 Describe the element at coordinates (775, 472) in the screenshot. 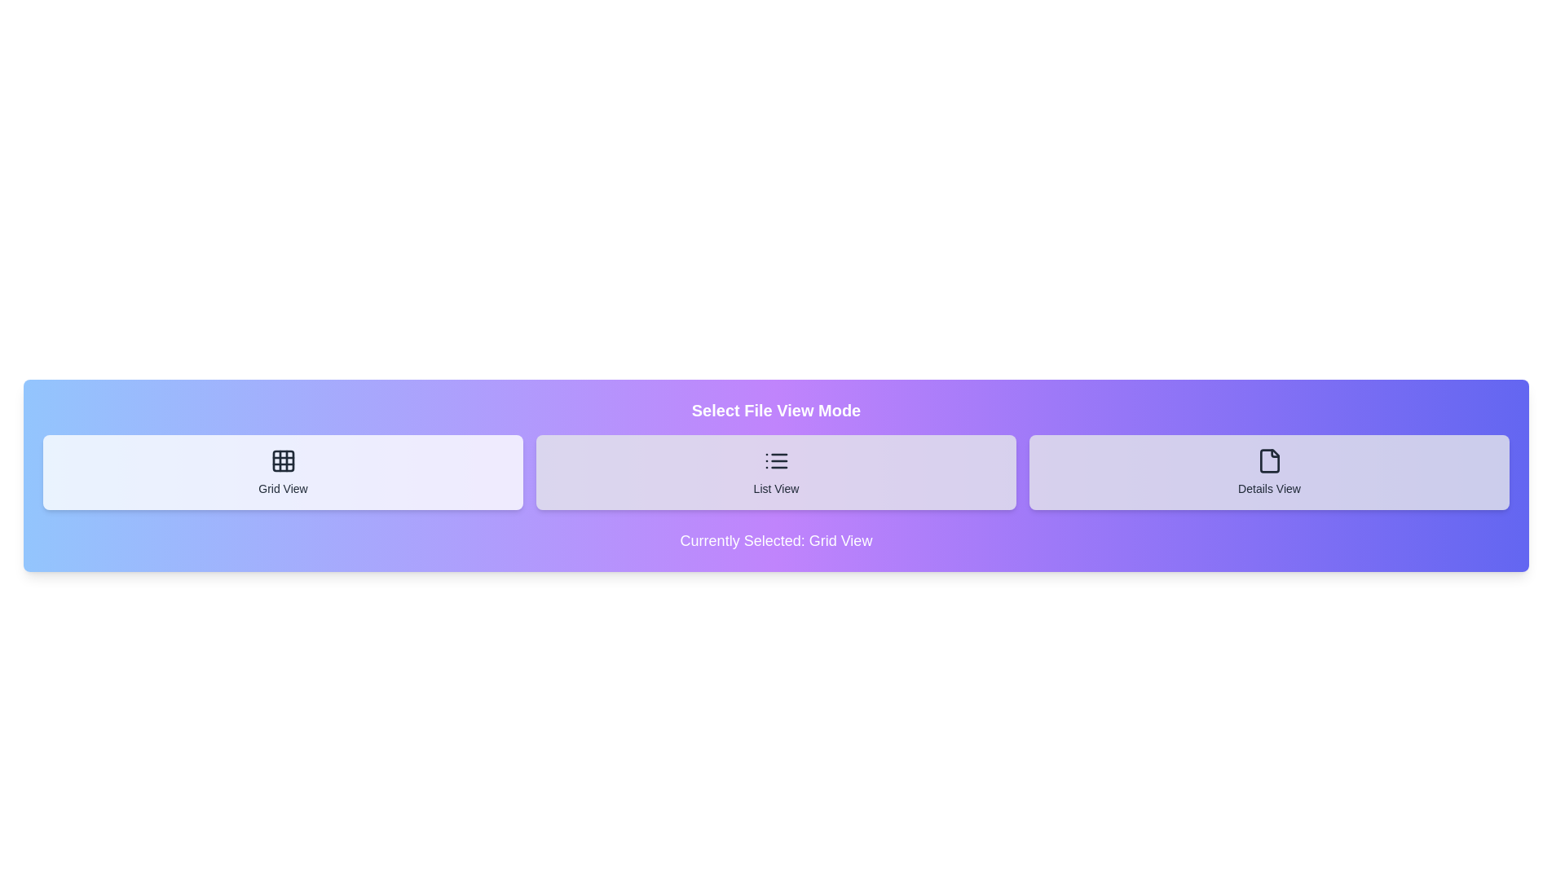

I see `the button corresponding to the desired file view mode: List View` at that location.